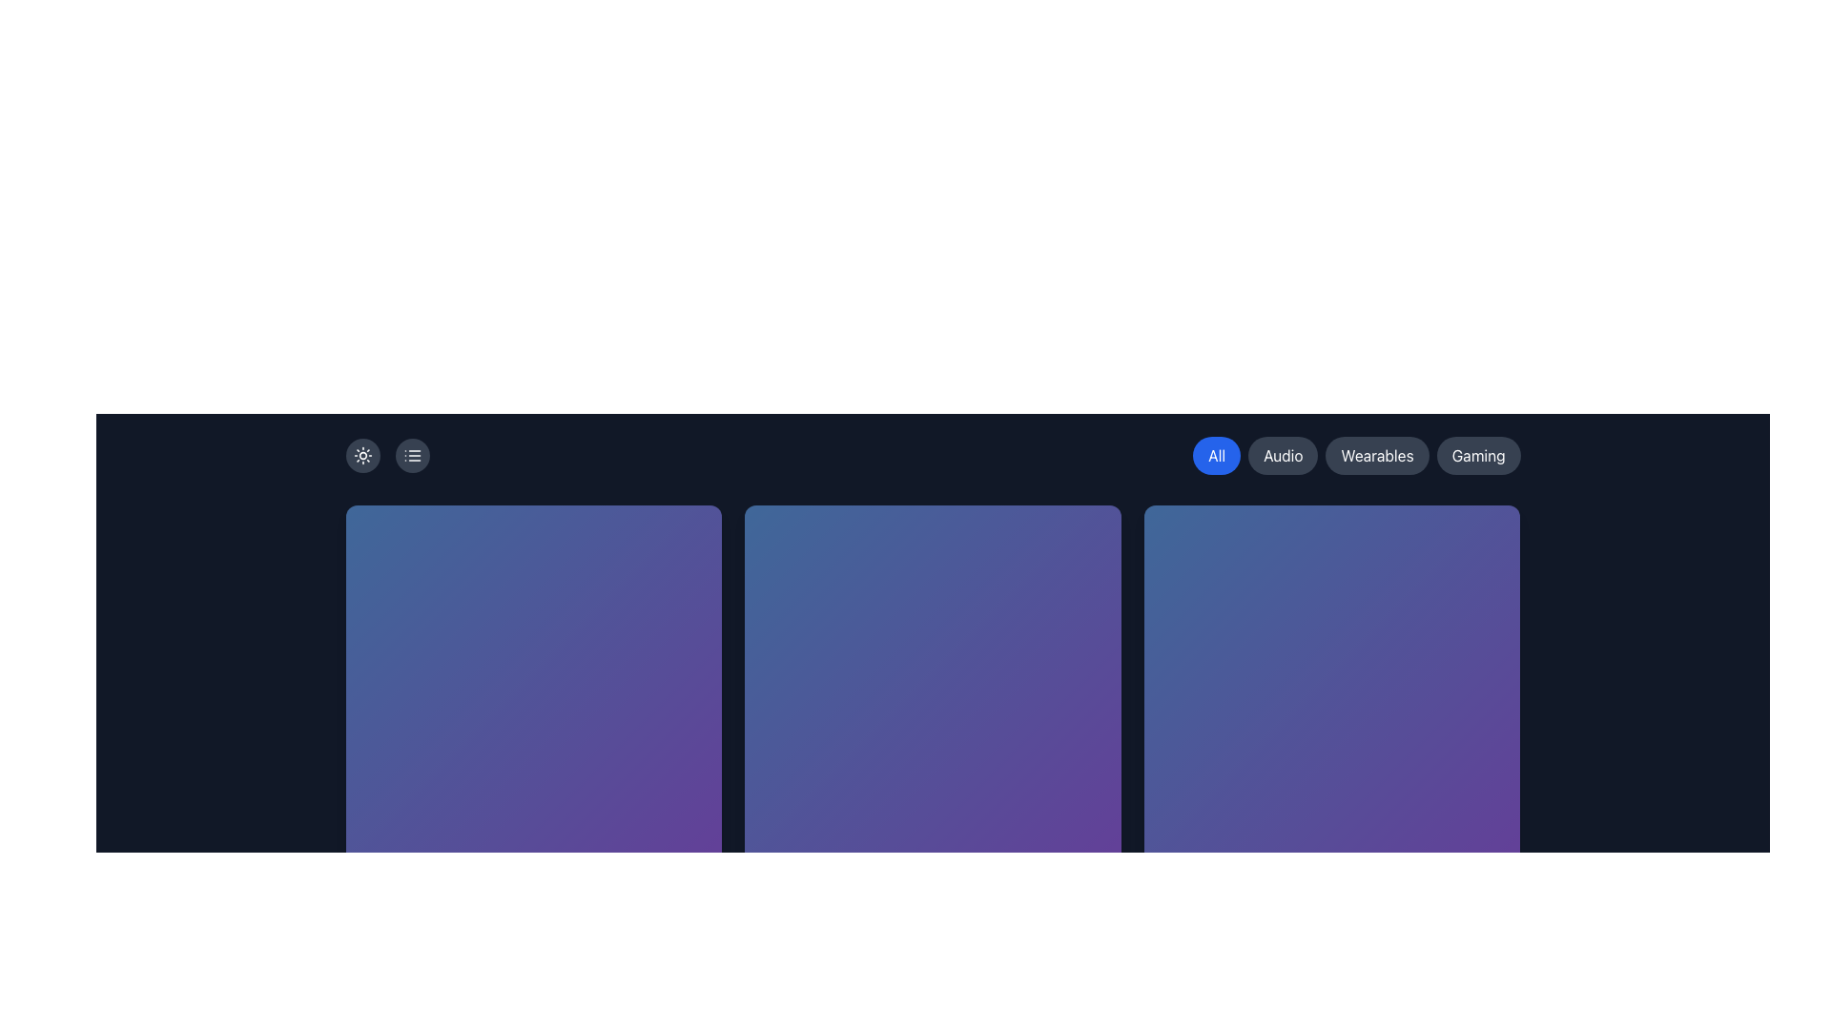 This screenshot has height=1030, width=1831. I want to click on the button labeled 'Wearables', so click(1377, 456).